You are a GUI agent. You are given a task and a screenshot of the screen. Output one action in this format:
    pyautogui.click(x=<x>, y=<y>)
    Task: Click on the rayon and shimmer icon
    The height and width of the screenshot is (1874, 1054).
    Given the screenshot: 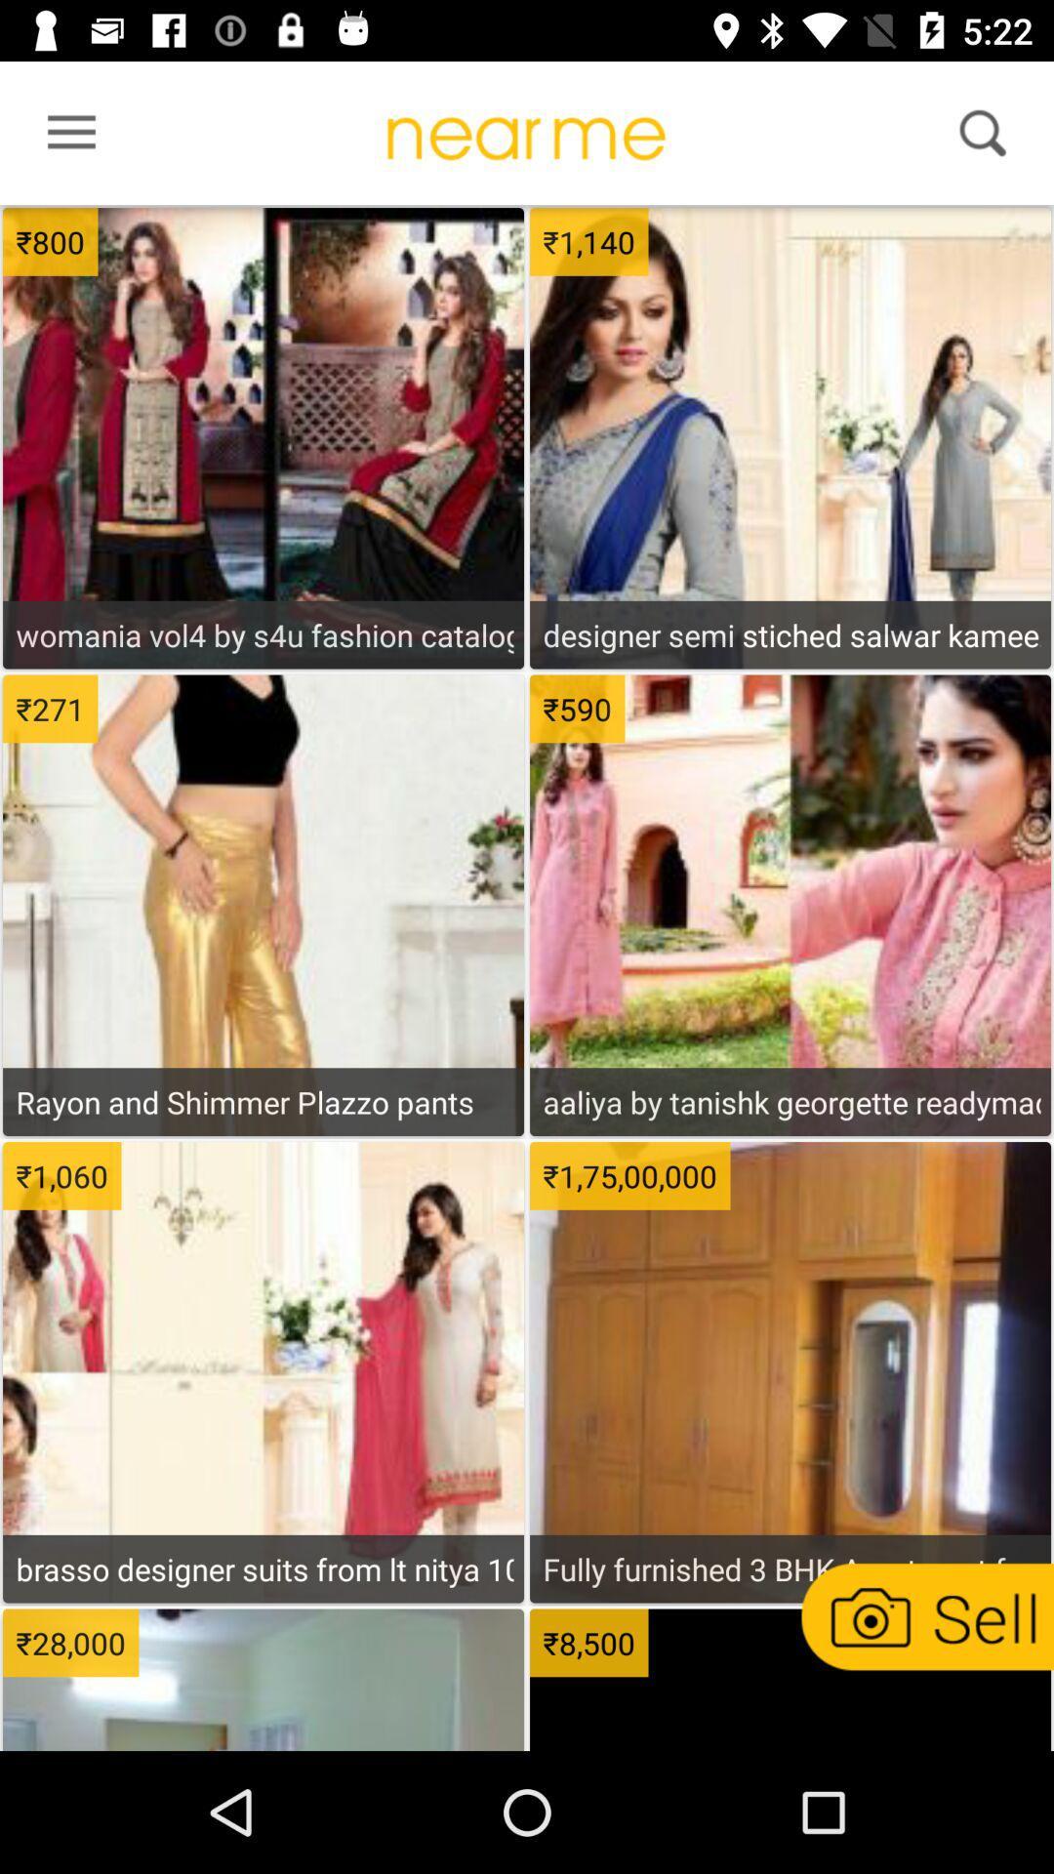 What is the action you would take?
    pyautogui.click(x=263, y=1102)
    